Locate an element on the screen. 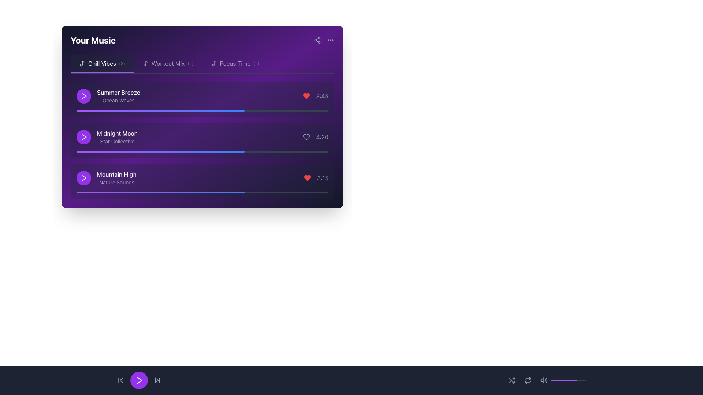 This screenshot has height=395, width=703. the second play button in the 'Your Music' interface below the 'Chill Vibes' tab to initiate playback of the 'Midnight Moon' track is located at coordinates (84, 137).